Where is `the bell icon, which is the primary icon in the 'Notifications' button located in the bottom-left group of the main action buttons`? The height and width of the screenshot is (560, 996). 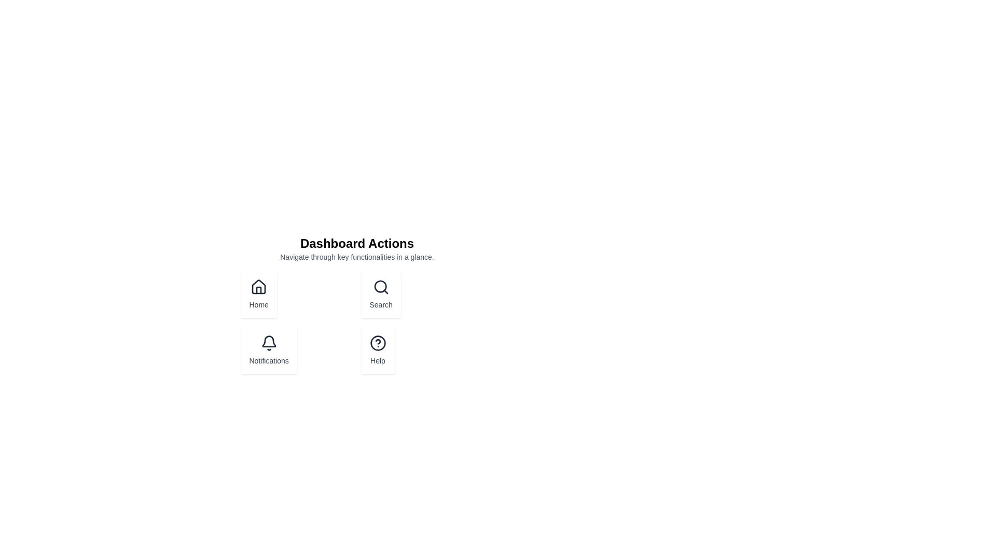 the bell icon, which is the primary icon in the 'Notifications' button located in the bottom-left group of the main action buttons is located at coordinates (269, 343).